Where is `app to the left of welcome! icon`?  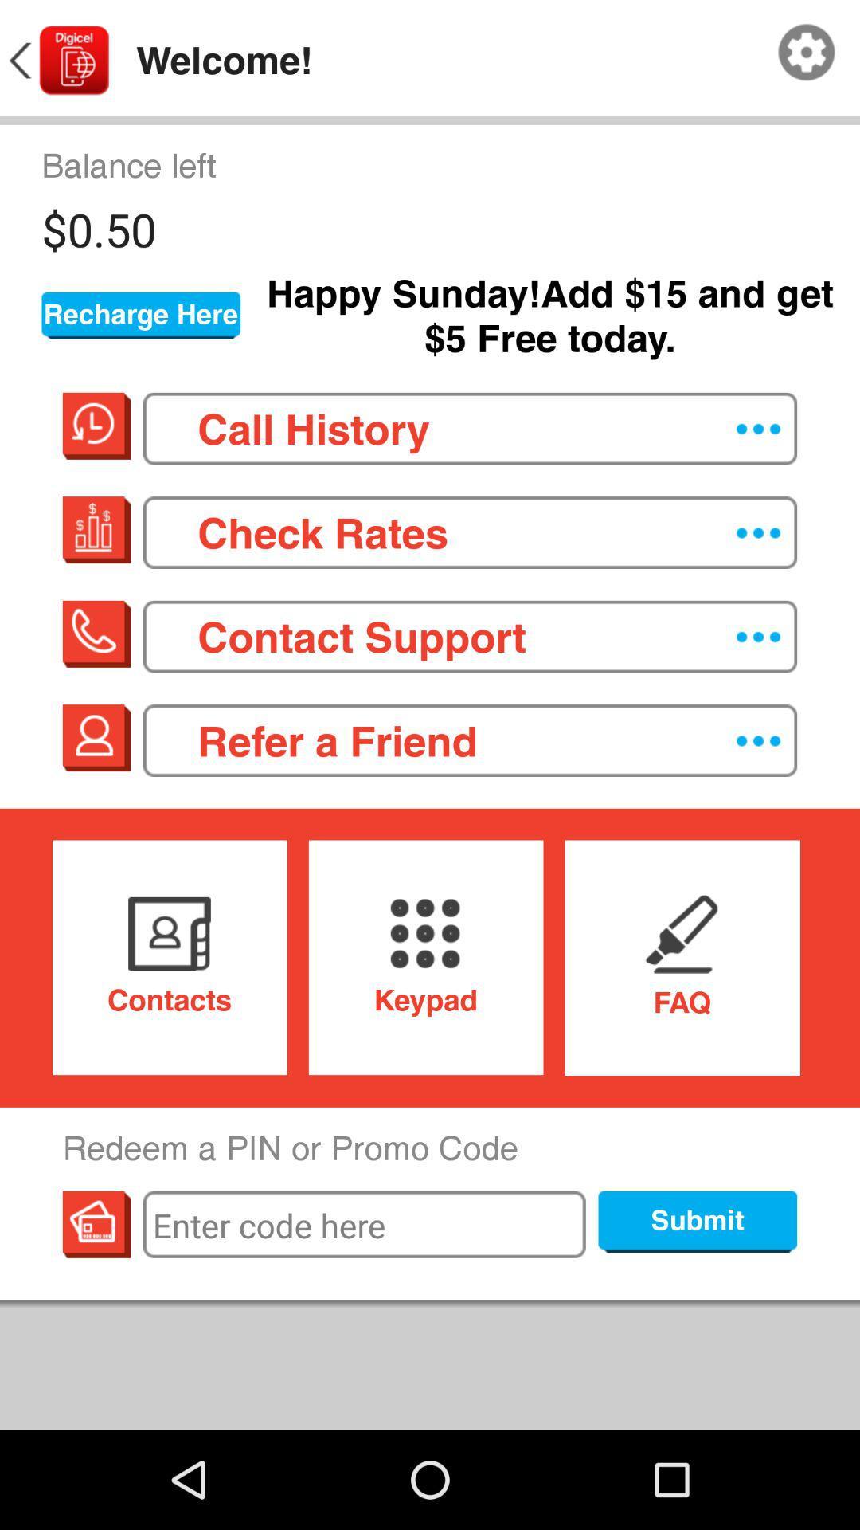 app to the left of welcome! icon is located at coordinates (57, 61).